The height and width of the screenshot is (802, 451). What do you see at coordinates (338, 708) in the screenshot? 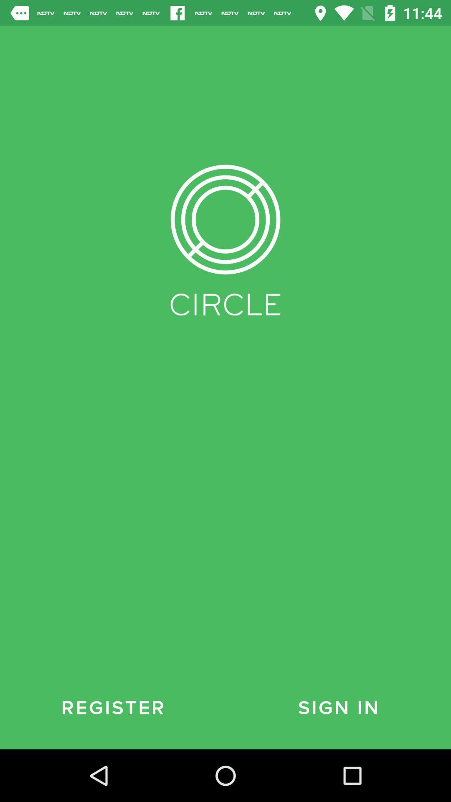
I see `sign in` at bounding box center [338, 708].